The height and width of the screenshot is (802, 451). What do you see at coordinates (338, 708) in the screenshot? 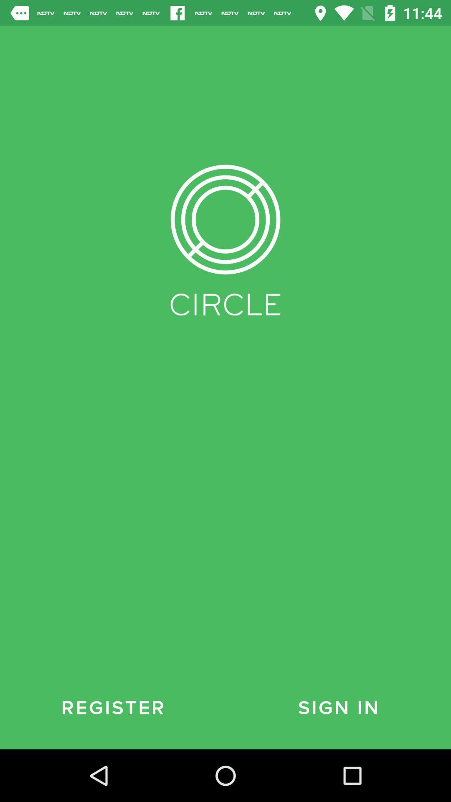
I see `sign in` at bounding box center [338, 708].